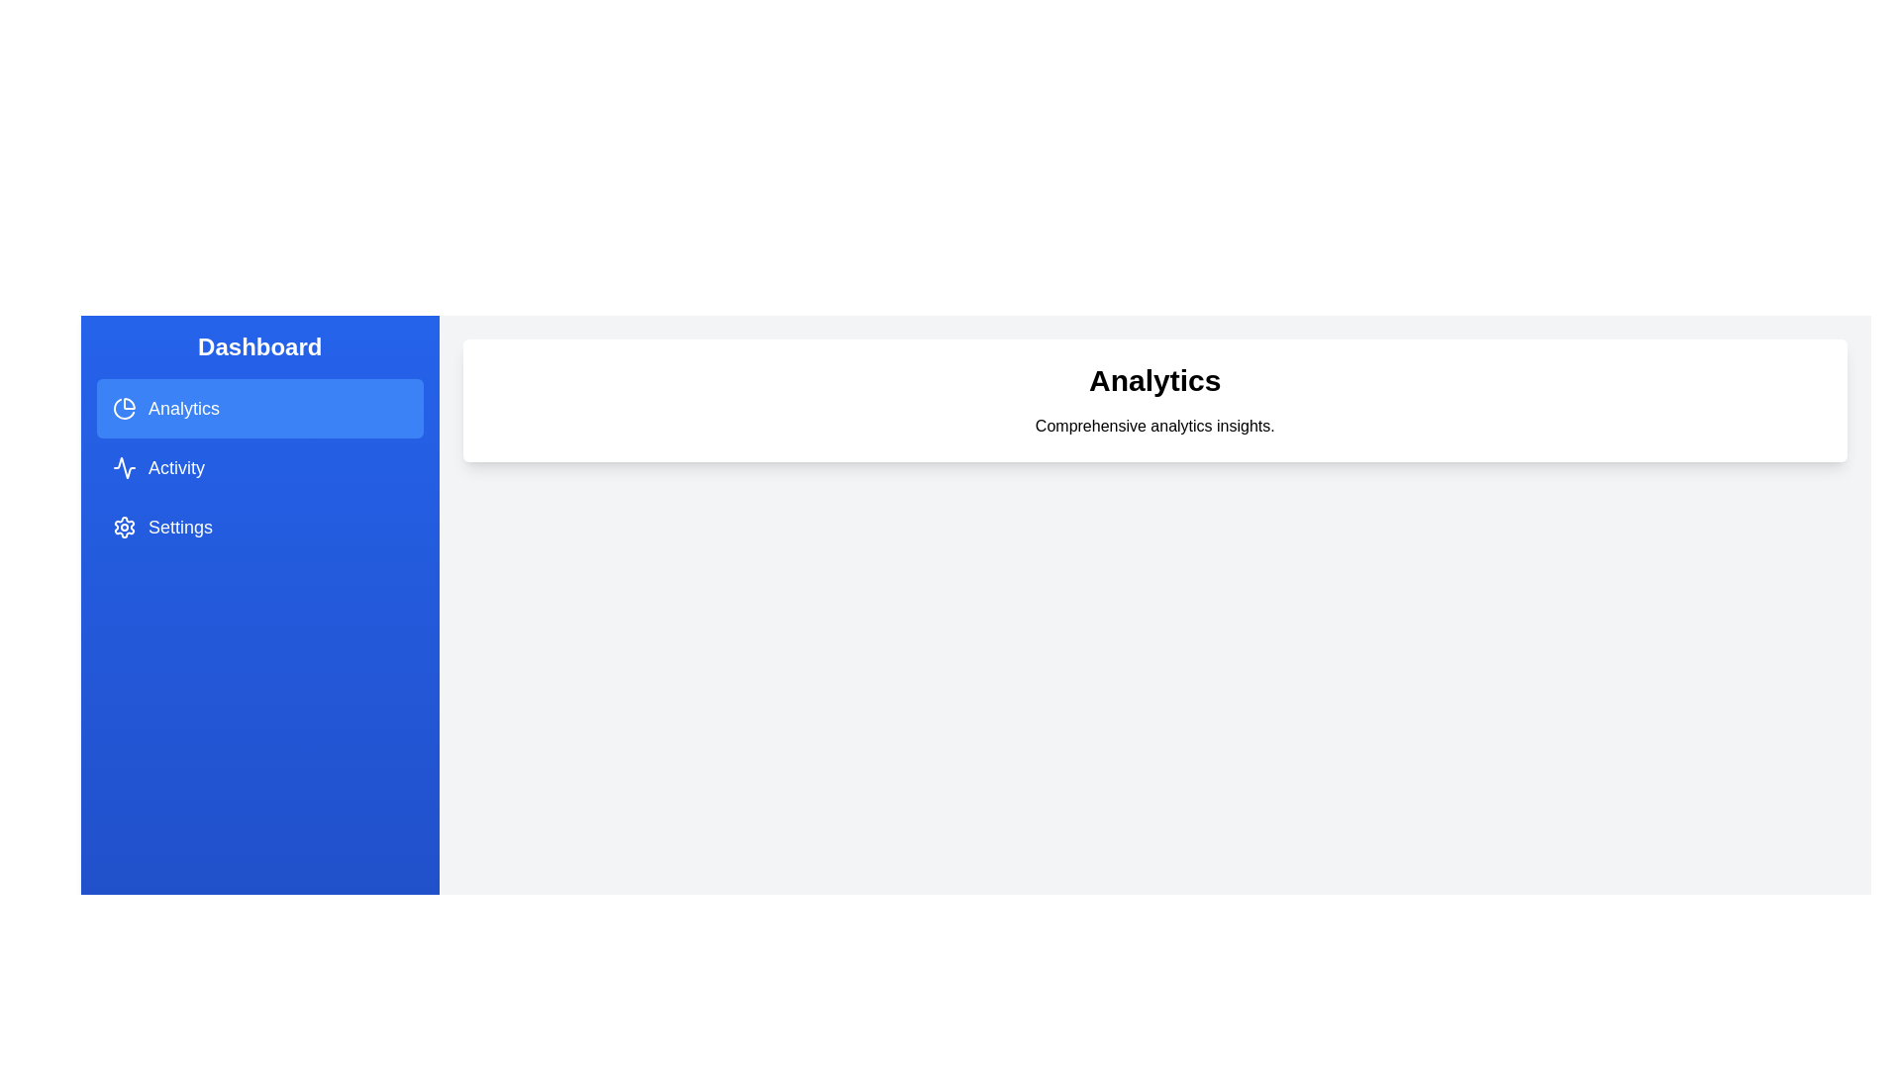 The width and height of the screenshot is (1901, 1069). I want to click on the second slice of the pie chart within the SVG icon located in the left sidebar, adjacent to the 'Analytics' menu label, so click(123, 408).